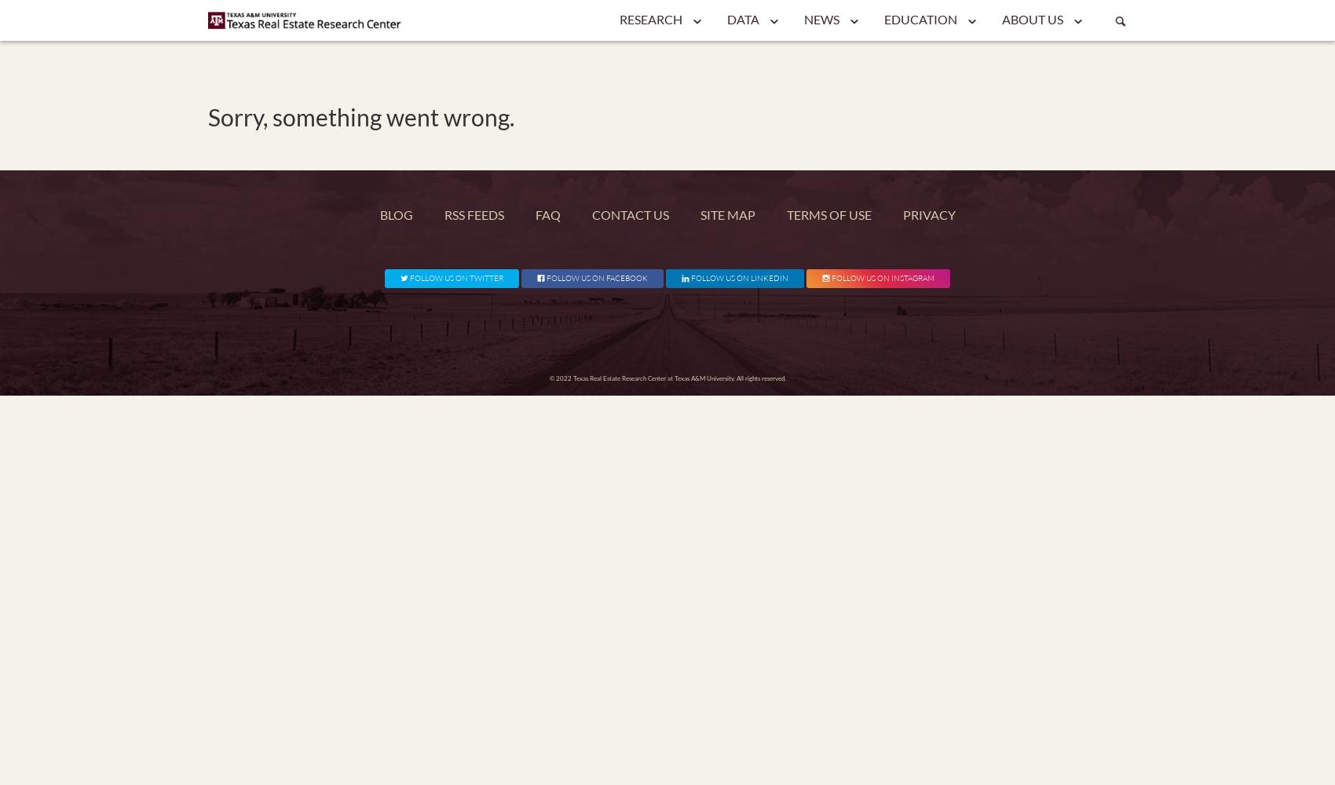 This screenshot has width=1335, height=785. Describe the element at coordinates (629, 214) in the screenshot. I see `'Contact Us'` at that location.